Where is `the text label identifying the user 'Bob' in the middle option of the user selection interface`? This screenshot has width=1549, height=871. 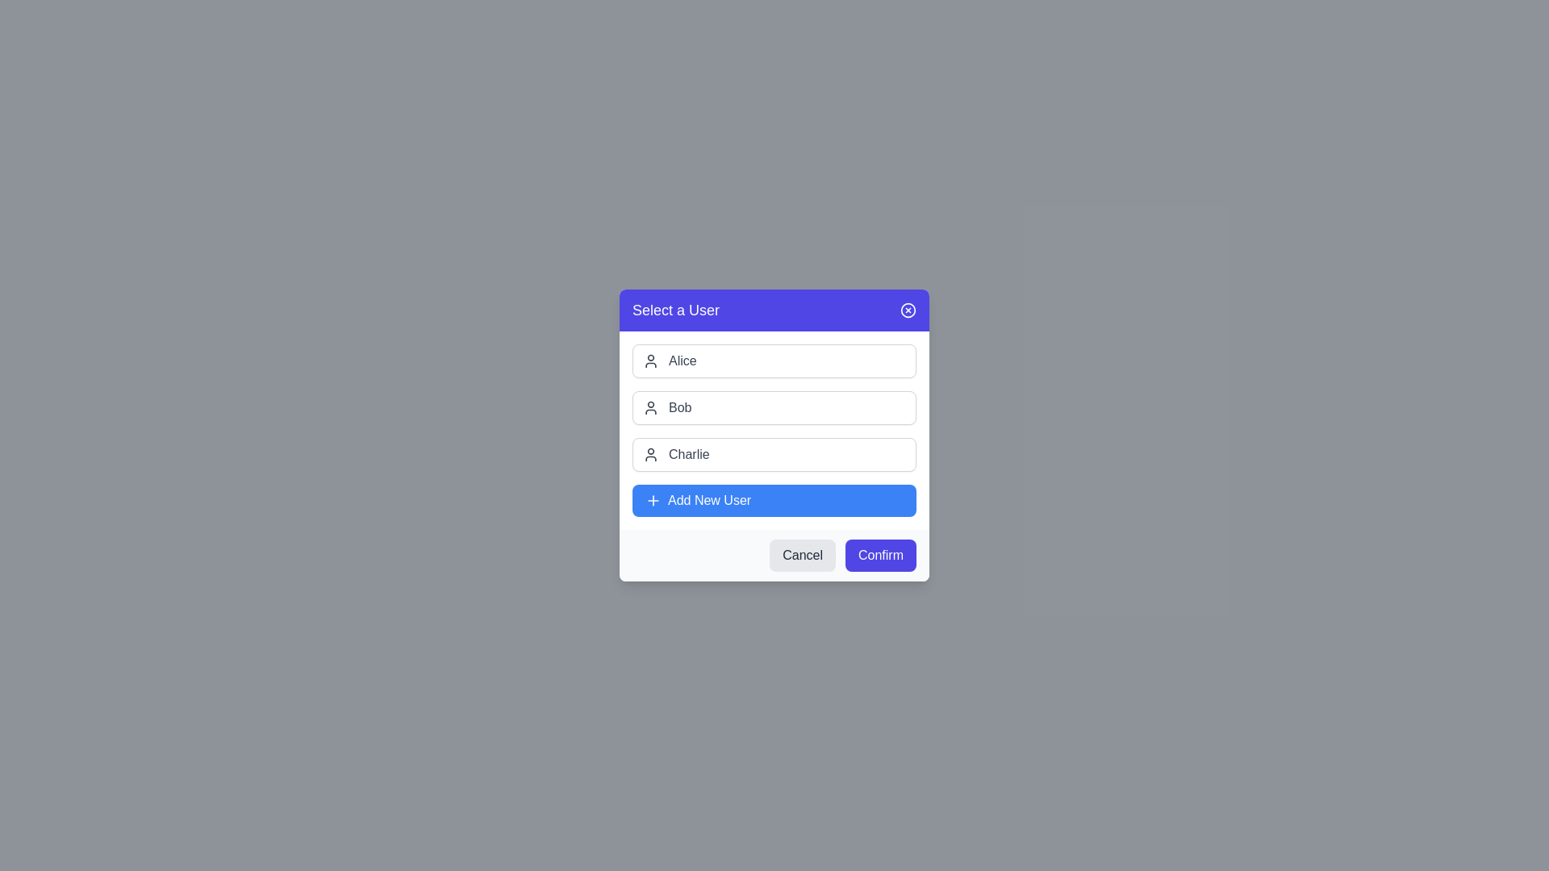 the text label identifying the user 'Bob' in the middle option of the user selection interface is located at coordinates (680, 406).